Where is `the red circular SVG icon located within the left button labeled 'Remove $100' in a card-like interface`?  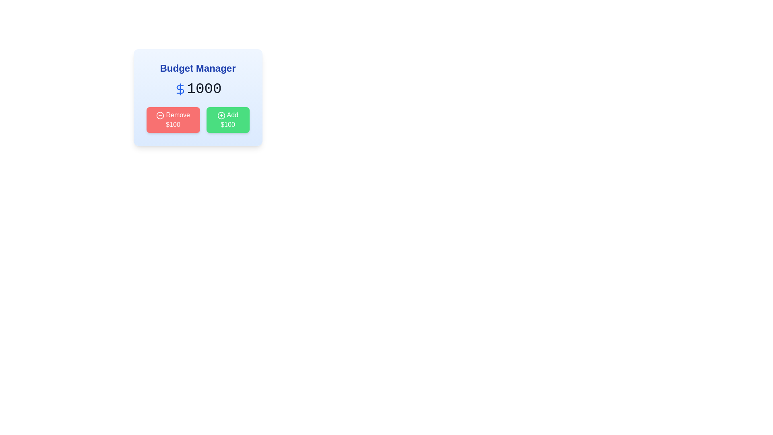 the red circular SVG icon located within the left button labeled 'Remove $100' in a card-like interface is located at coordinates (160, 115).